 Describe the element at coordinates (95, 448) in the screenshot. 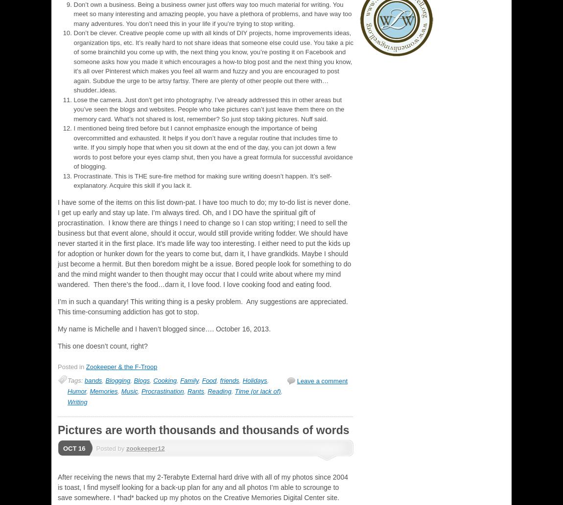

I see `'Posted by'` at that location.